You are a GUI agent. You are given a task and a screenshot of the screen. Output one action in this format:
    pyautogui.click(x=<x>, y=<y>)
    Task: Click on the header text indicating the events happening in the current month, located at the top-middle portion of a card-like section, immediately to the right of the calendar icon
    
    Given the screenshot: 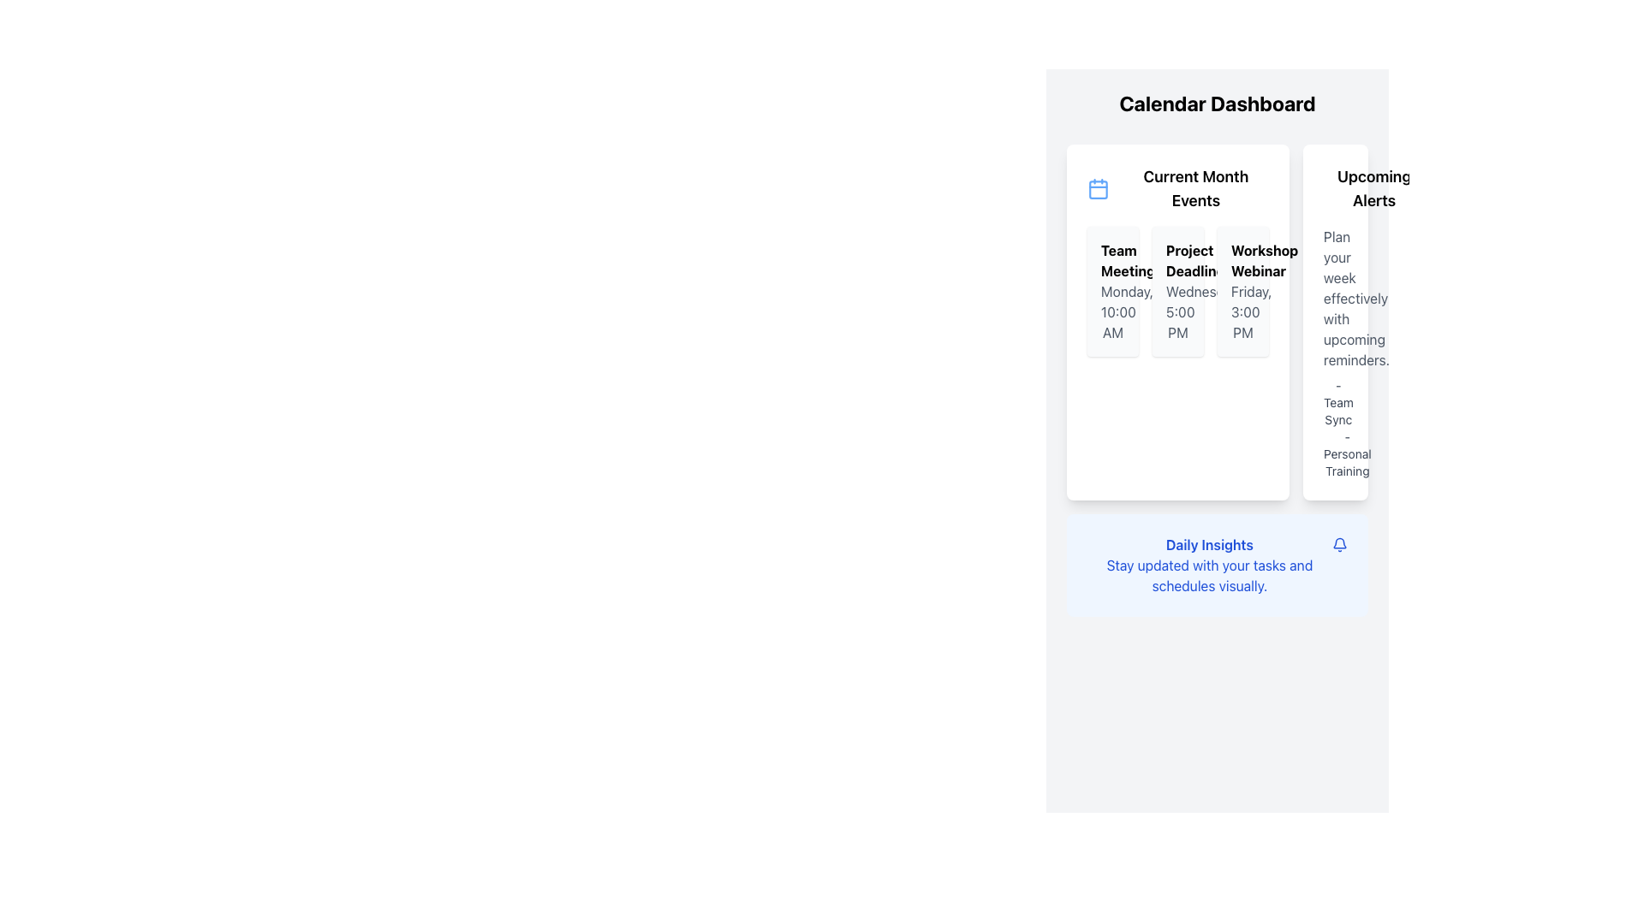 What is the action you would take?
    pyautogui.click(x=1194, y=188)
    